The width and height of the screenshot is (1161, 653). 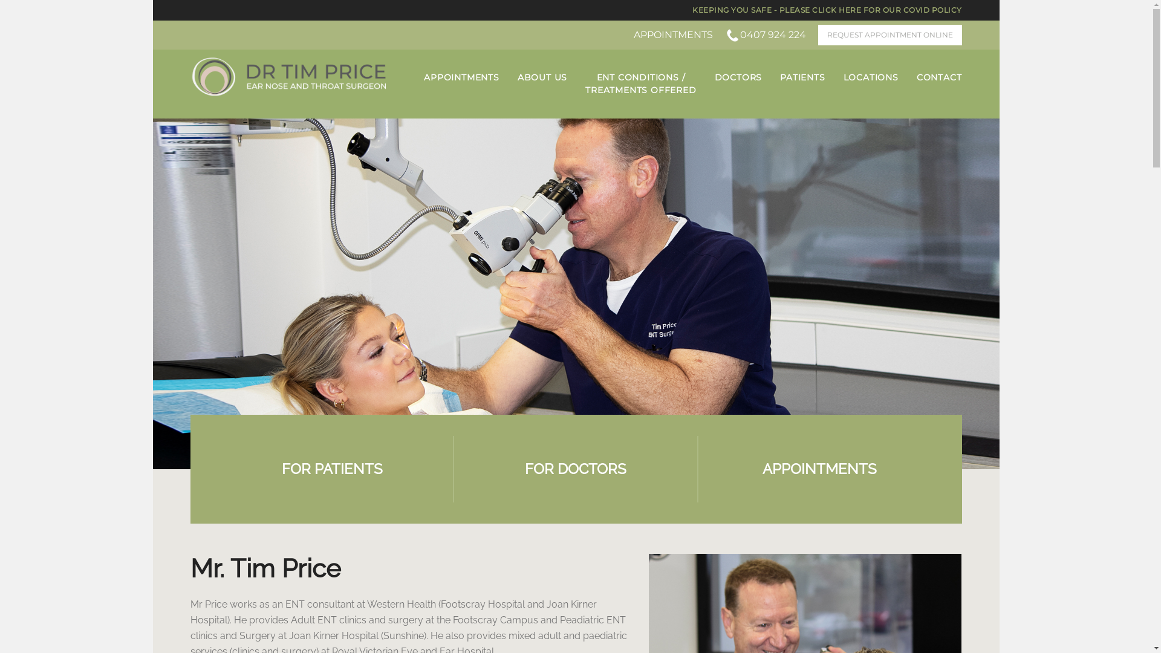 What do you see at coordinates (843, 77) in the screenshot?
I see `'LOCATIONS'` at bounding box center [843, 77].